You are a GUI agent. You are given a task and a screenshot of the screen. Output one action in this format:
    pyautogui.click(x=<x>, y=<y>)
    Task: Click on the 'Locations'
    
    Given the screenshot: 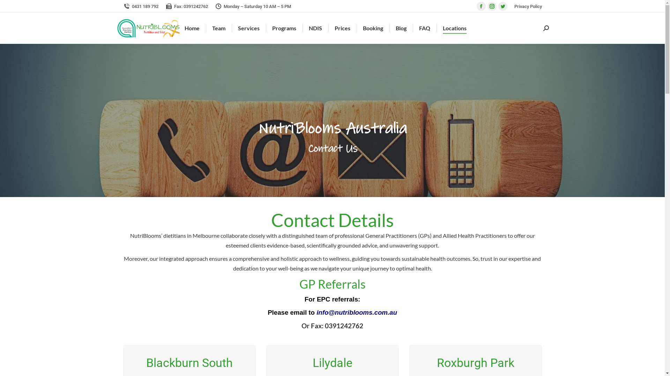 What is the action you would take?
    pyautogui.click(x=454, y=28)
    